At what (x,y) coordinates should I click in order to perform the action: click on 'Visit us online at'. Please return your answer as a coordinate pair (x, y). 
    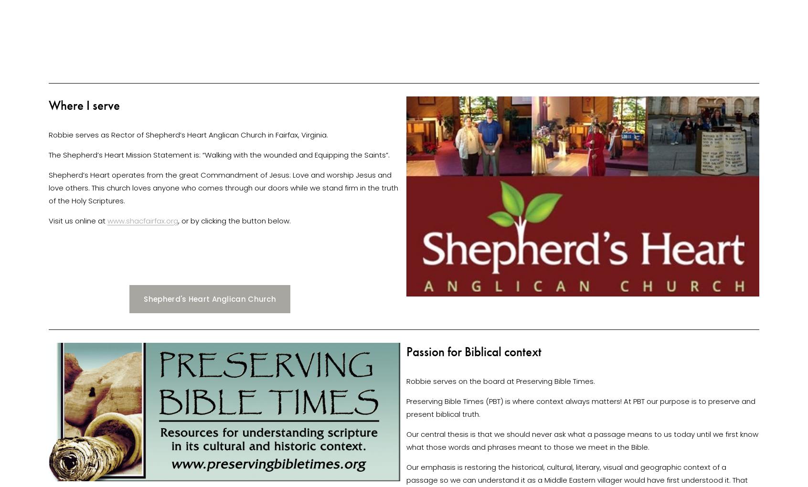
    Looking at the image, I should click on (48, 220).